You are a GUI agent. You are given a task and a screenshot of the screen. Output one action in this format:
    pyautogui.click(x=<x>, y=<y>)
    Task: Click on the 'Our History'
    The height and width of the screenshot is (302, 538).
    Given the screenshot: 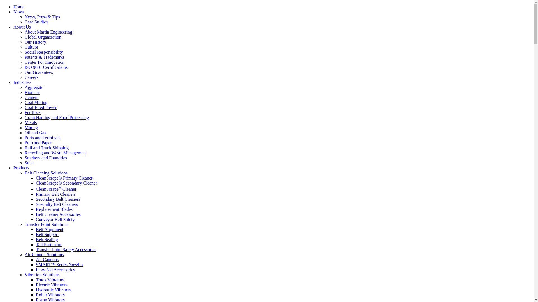 What is the action you would take?
    pyautogui.click(x=24, y=42)
    